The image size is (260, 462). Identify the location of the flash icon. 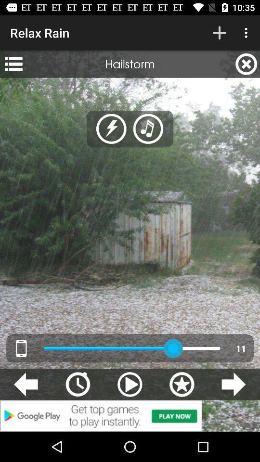
(111, 128).